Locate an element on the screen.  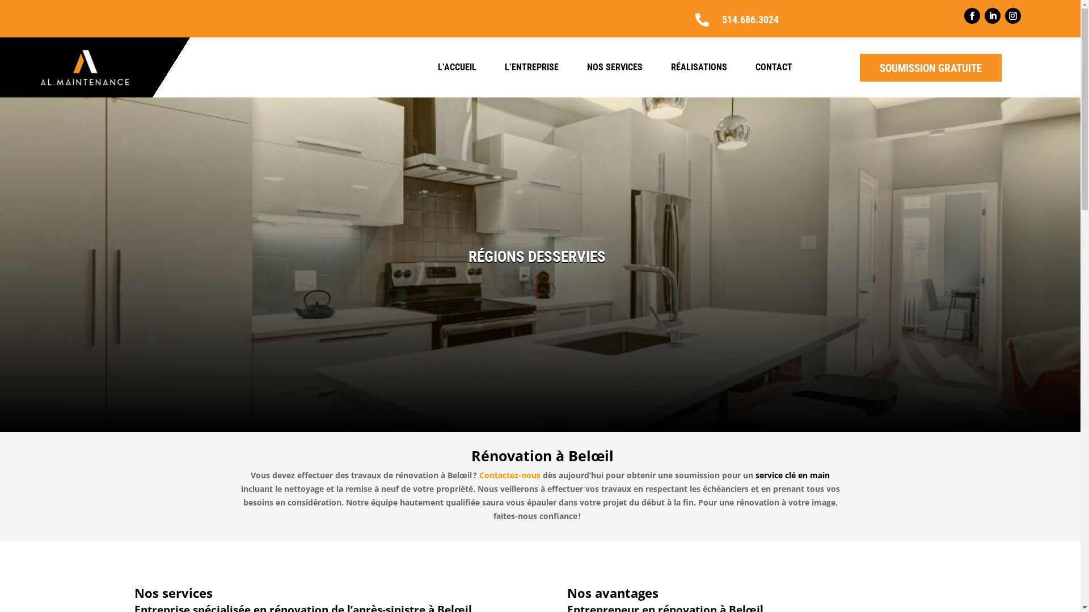
'Suivez sur LinkedIn' is located at coordinates (992, 15).